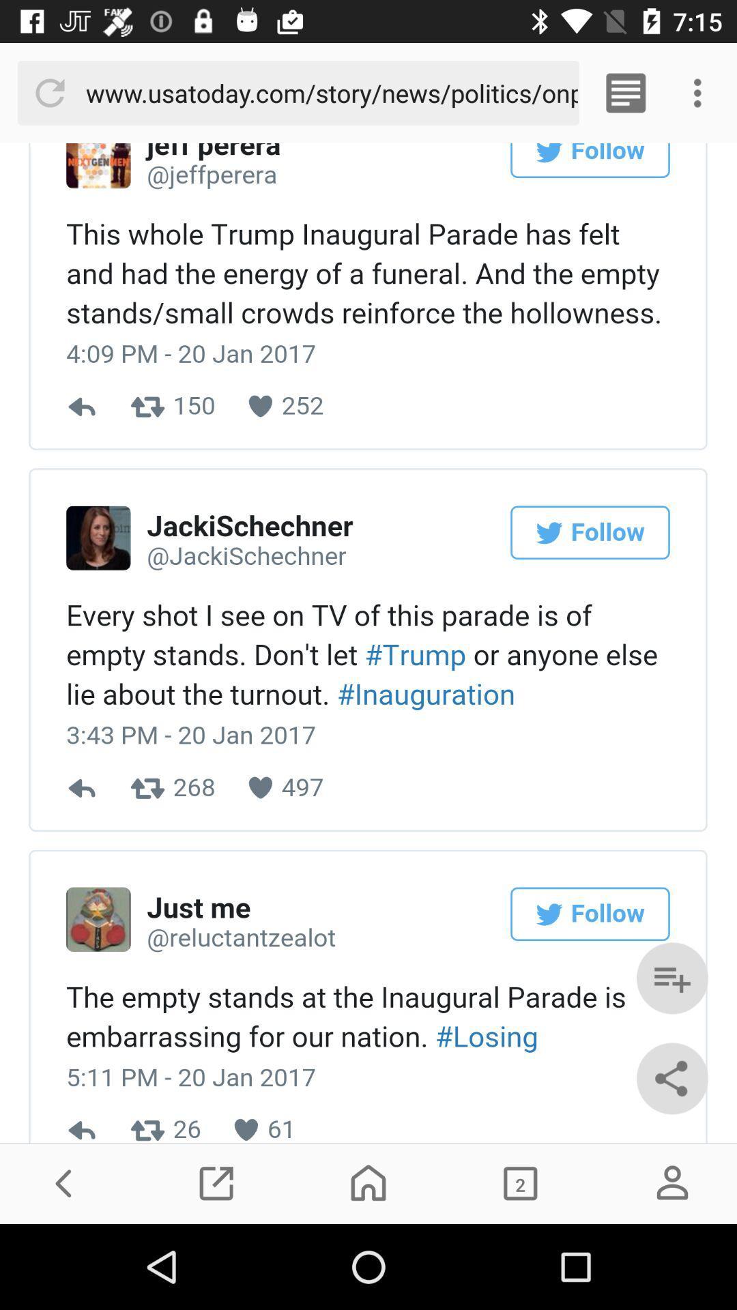 The height and width of the screenshot is (1310, 737). Describe the element at coordinates (671, 1077) in the screenshot. I see `the share icon` at that location.